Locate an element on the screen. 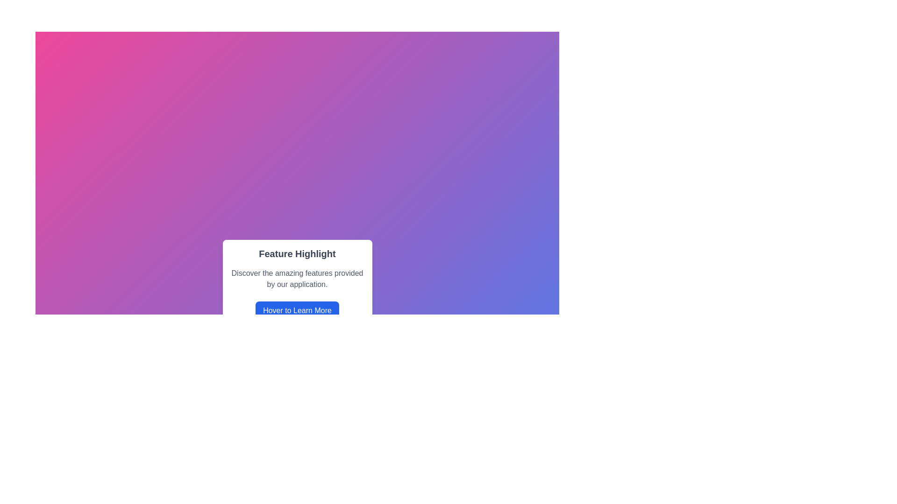 Image resolution: width=897 pixels, height=504 pixels. the 'Feature Highlight' header text, which is styled in bold, dark gray font and located at the top-center of the white card interface is located at coordinates (297, 253).